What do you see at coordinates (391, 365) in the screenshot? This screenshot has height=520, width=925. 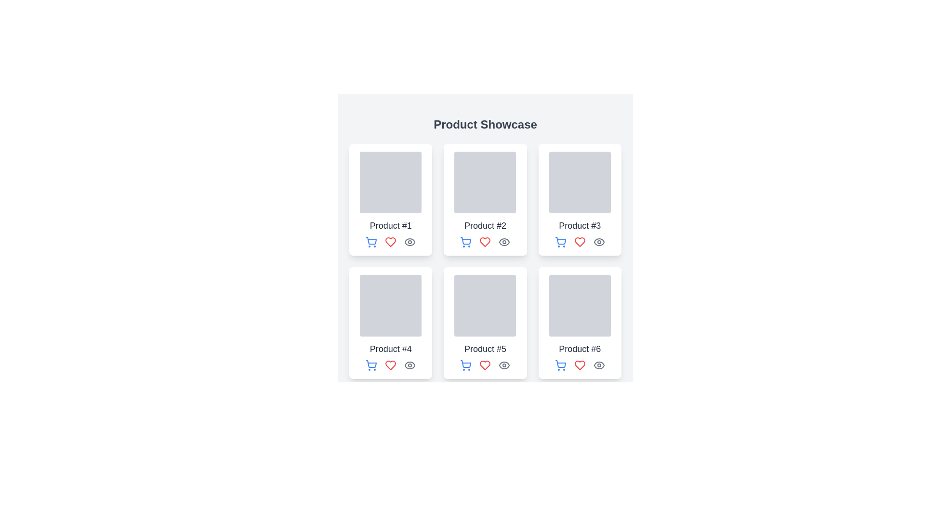 I see `the heart icon located within the card for 'Product #4' to mark the product as a favorite` at bounding box center [391, 365].